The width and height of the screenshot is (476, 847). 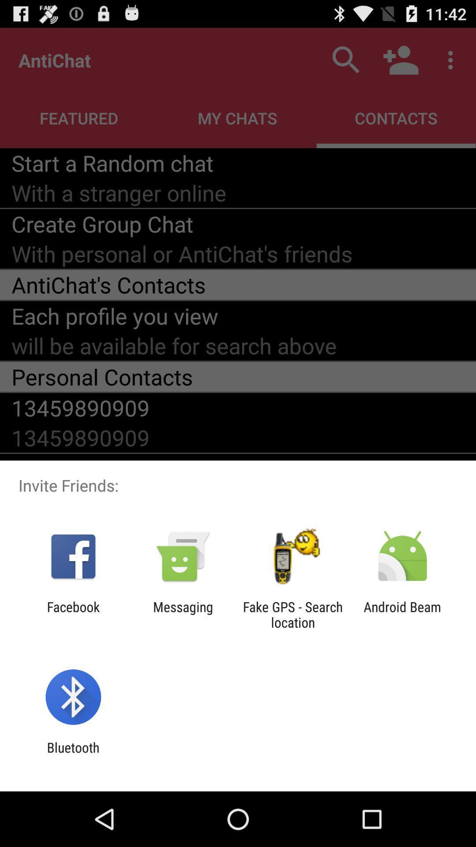 I want to click on icon to the left of the messaging item, so click(x=73, y=614).